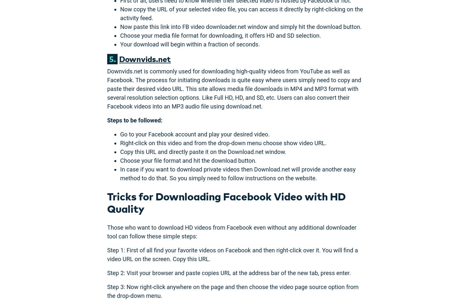 This screenshot has height=304, width=471. I want to click on 'Choose your media file format for downloading, it offers HD and SD selection.', so click(220, 35).